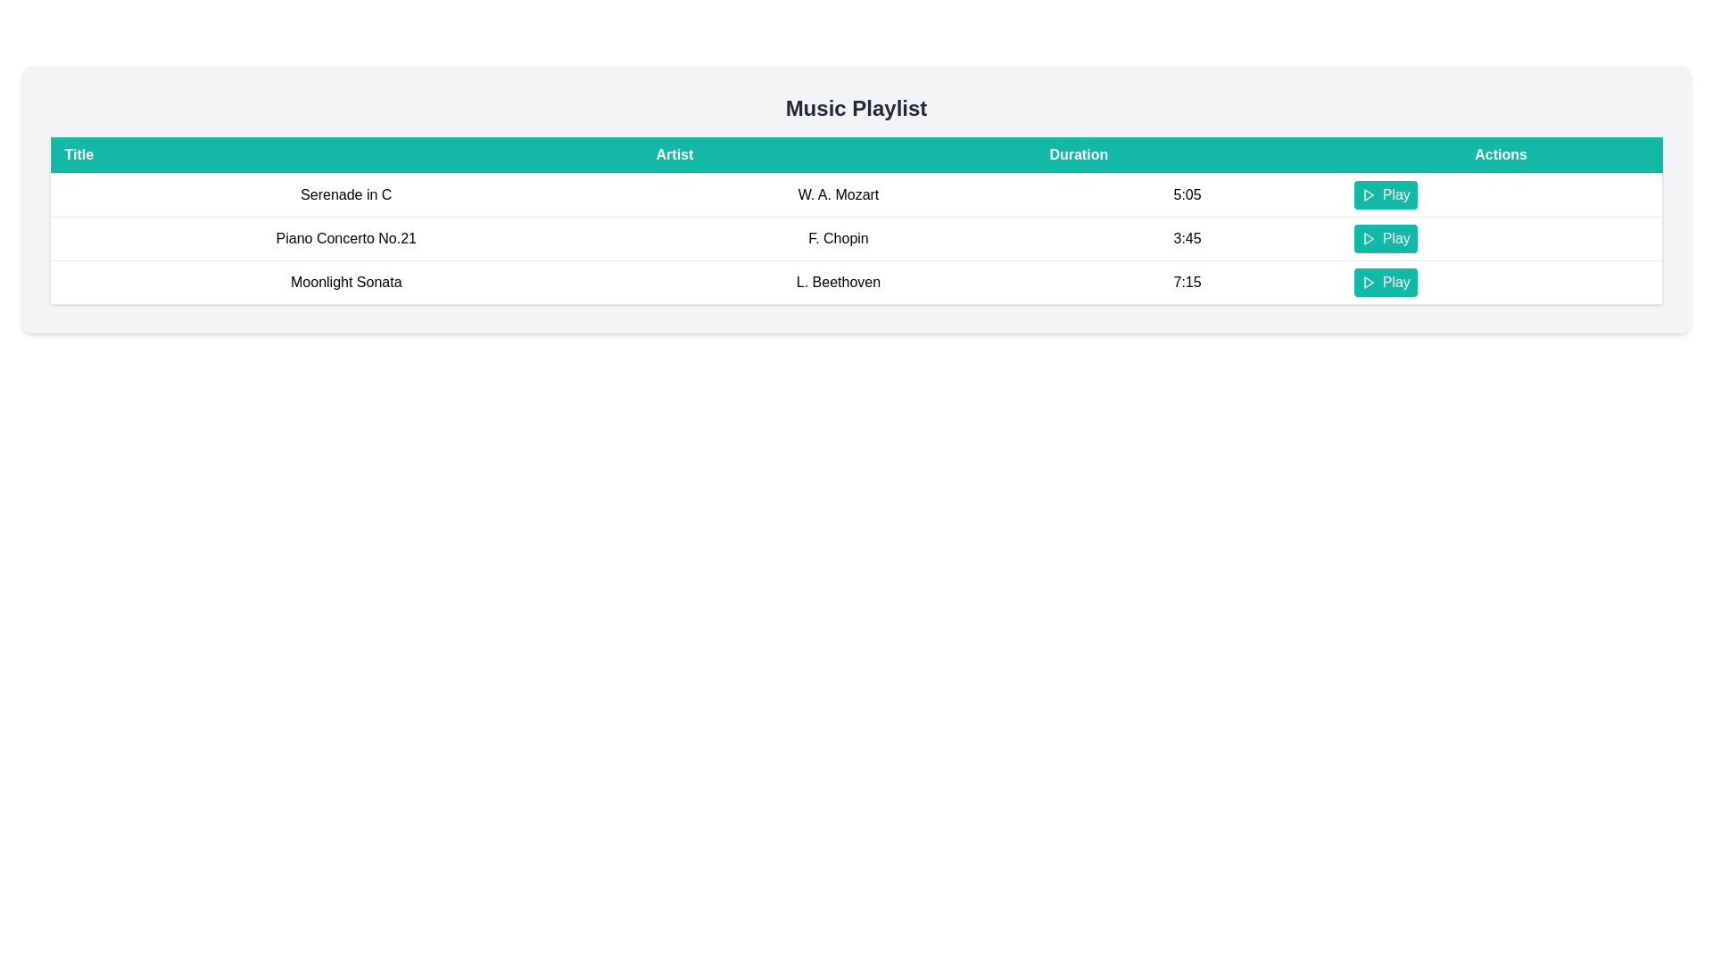  What do you see at coordinates (1188, 195) in the screenshot?
I see `the text label displaying the duration '5:05' in the 'Duration' column of the music playlist table, located in the second row between the 'Artist' and 'Actions' columns` at bounding box center [1188, 195].